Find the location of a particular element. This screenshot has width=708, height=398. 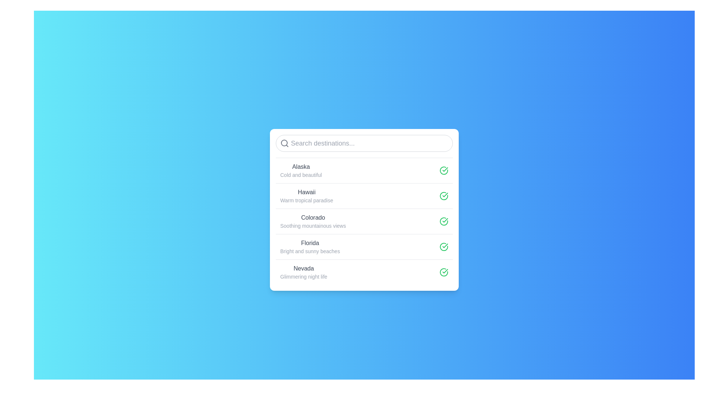

the text label displaying 'Colorado' to provide interaction feedback is located at coordinates (313, 217).